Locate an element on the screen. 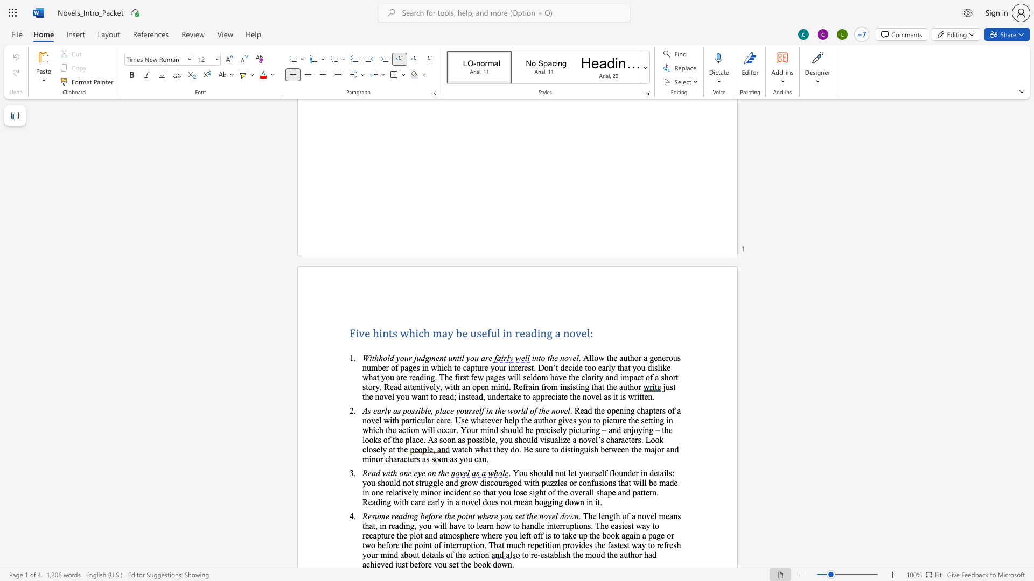 The height and width of the screenshot is (581, 1034). the space between the continuous character "h" and "o" in the text is located at coordinates (634, 358).